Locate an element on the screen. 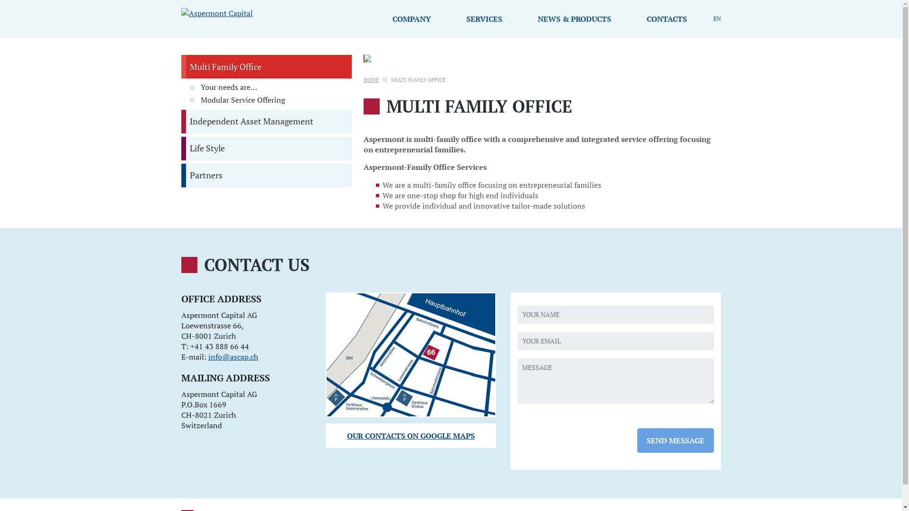  'HOME' is located at coordinates (370, 79).